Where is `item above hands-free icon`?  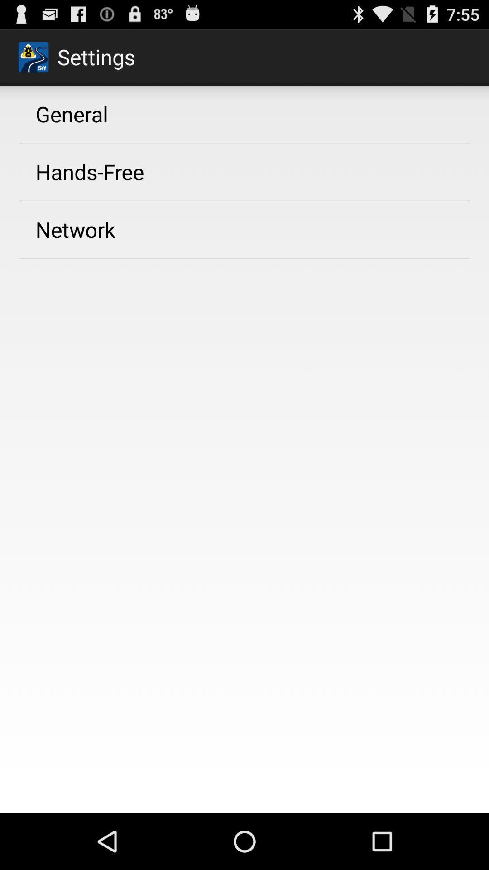 item above hands-free icon is located at coordinates (71, 113).